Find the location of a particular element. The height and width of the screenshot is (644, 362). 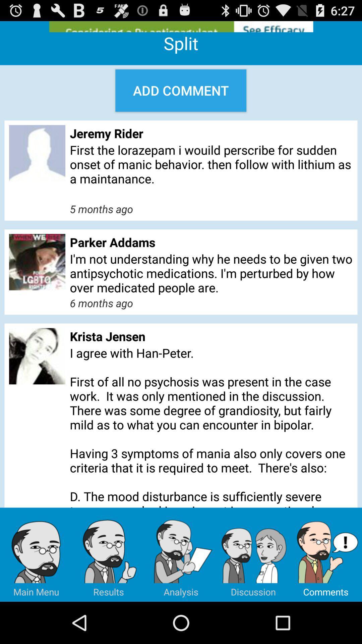

the add comment icon is located at coordinates (180, 90).